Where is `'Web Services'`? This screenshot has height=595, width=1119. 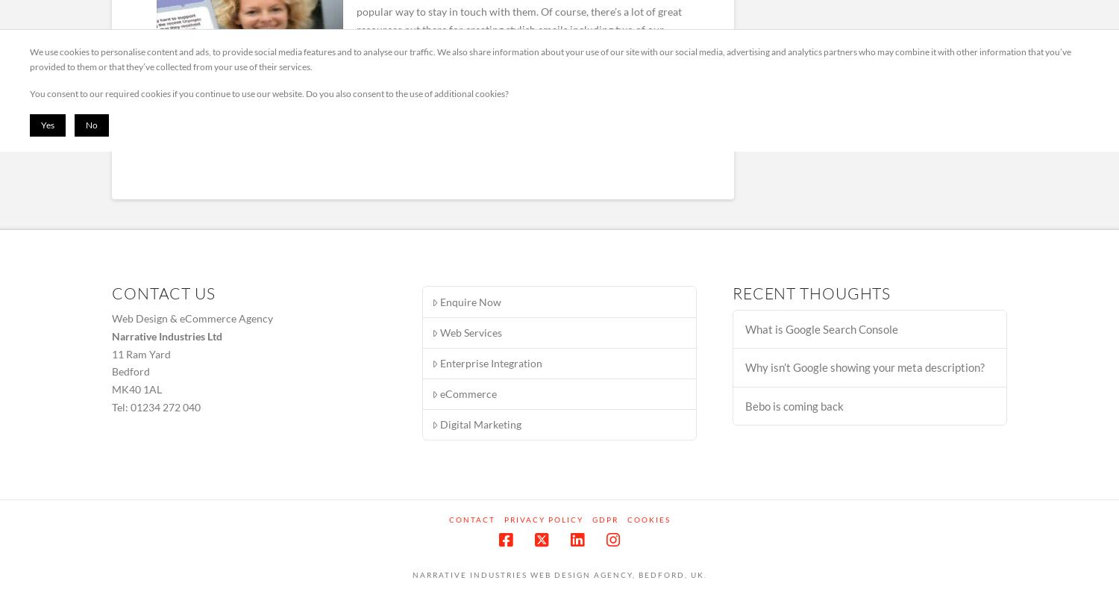 'Web Services' is located at coordinates (471, 331).